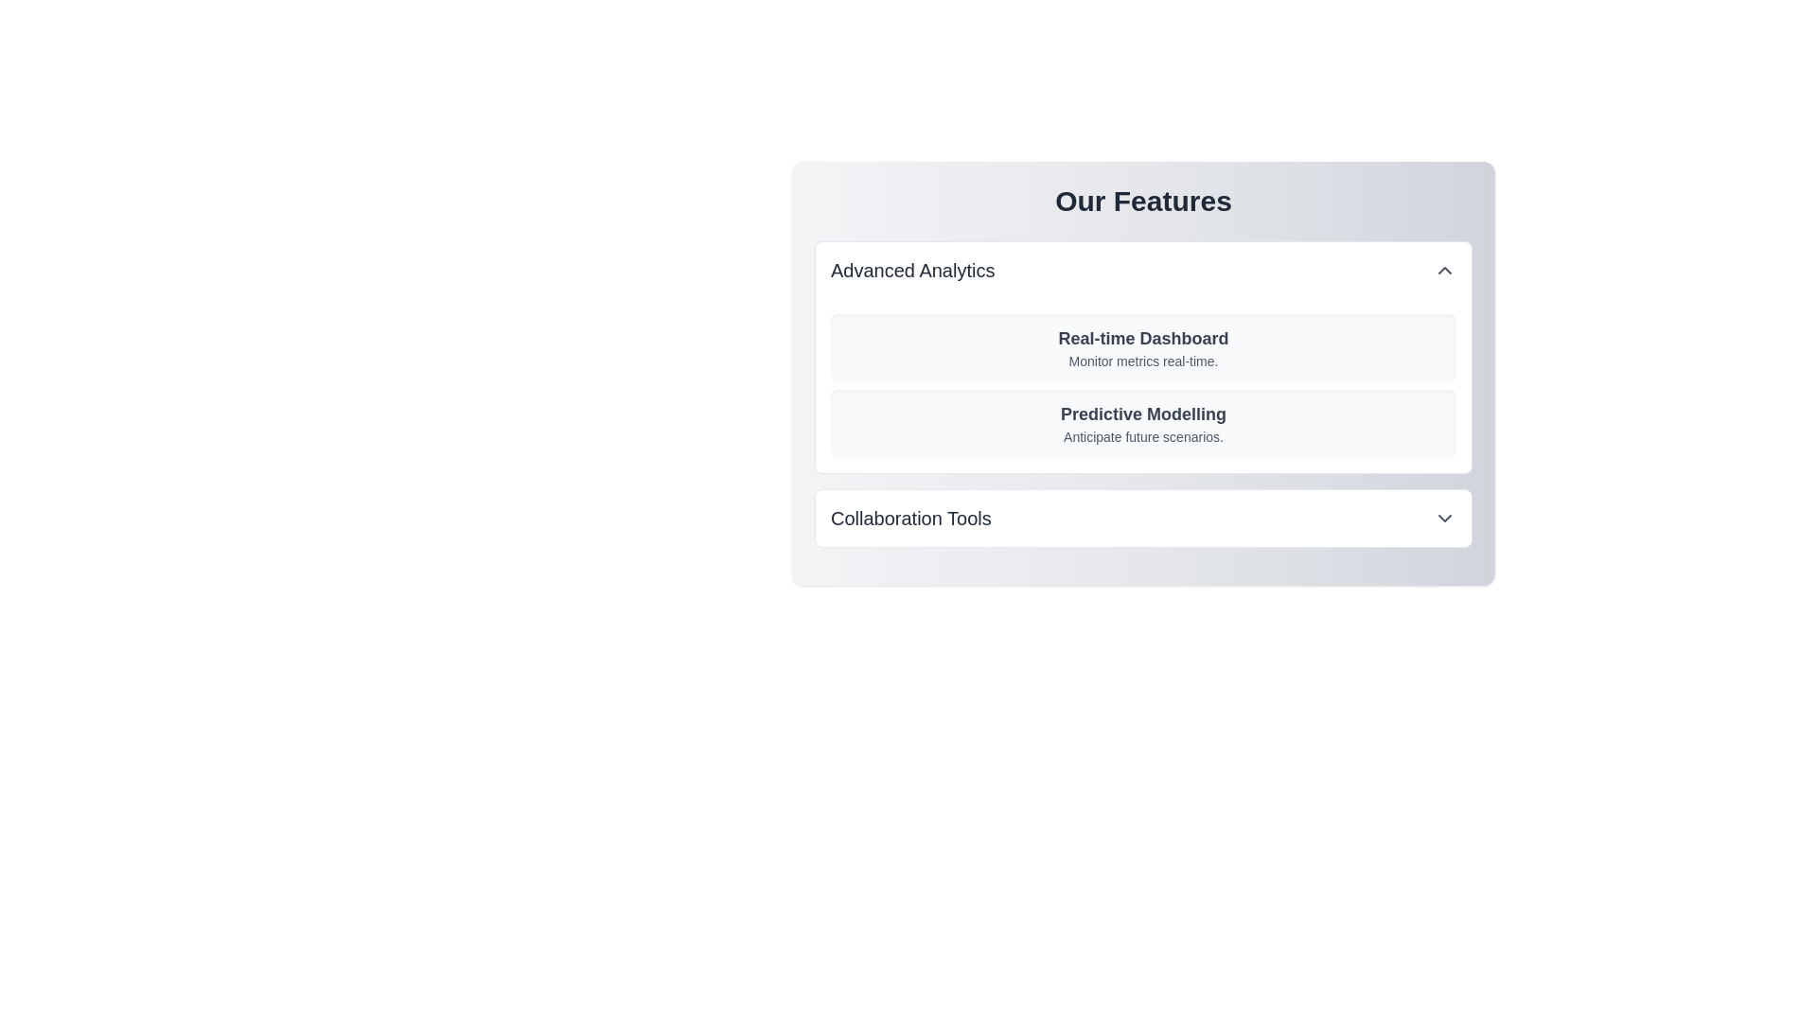 This screenshot has height=1022, width=1817. Describe the element at coordinates (1142, 361) in the screenshot. I see `static text element that reads 'Monitor metrics real-time.', located below the bold title 'Real-time Dashboard' within the 'Advanced Analytics' section for accessibility purposes` at that location.